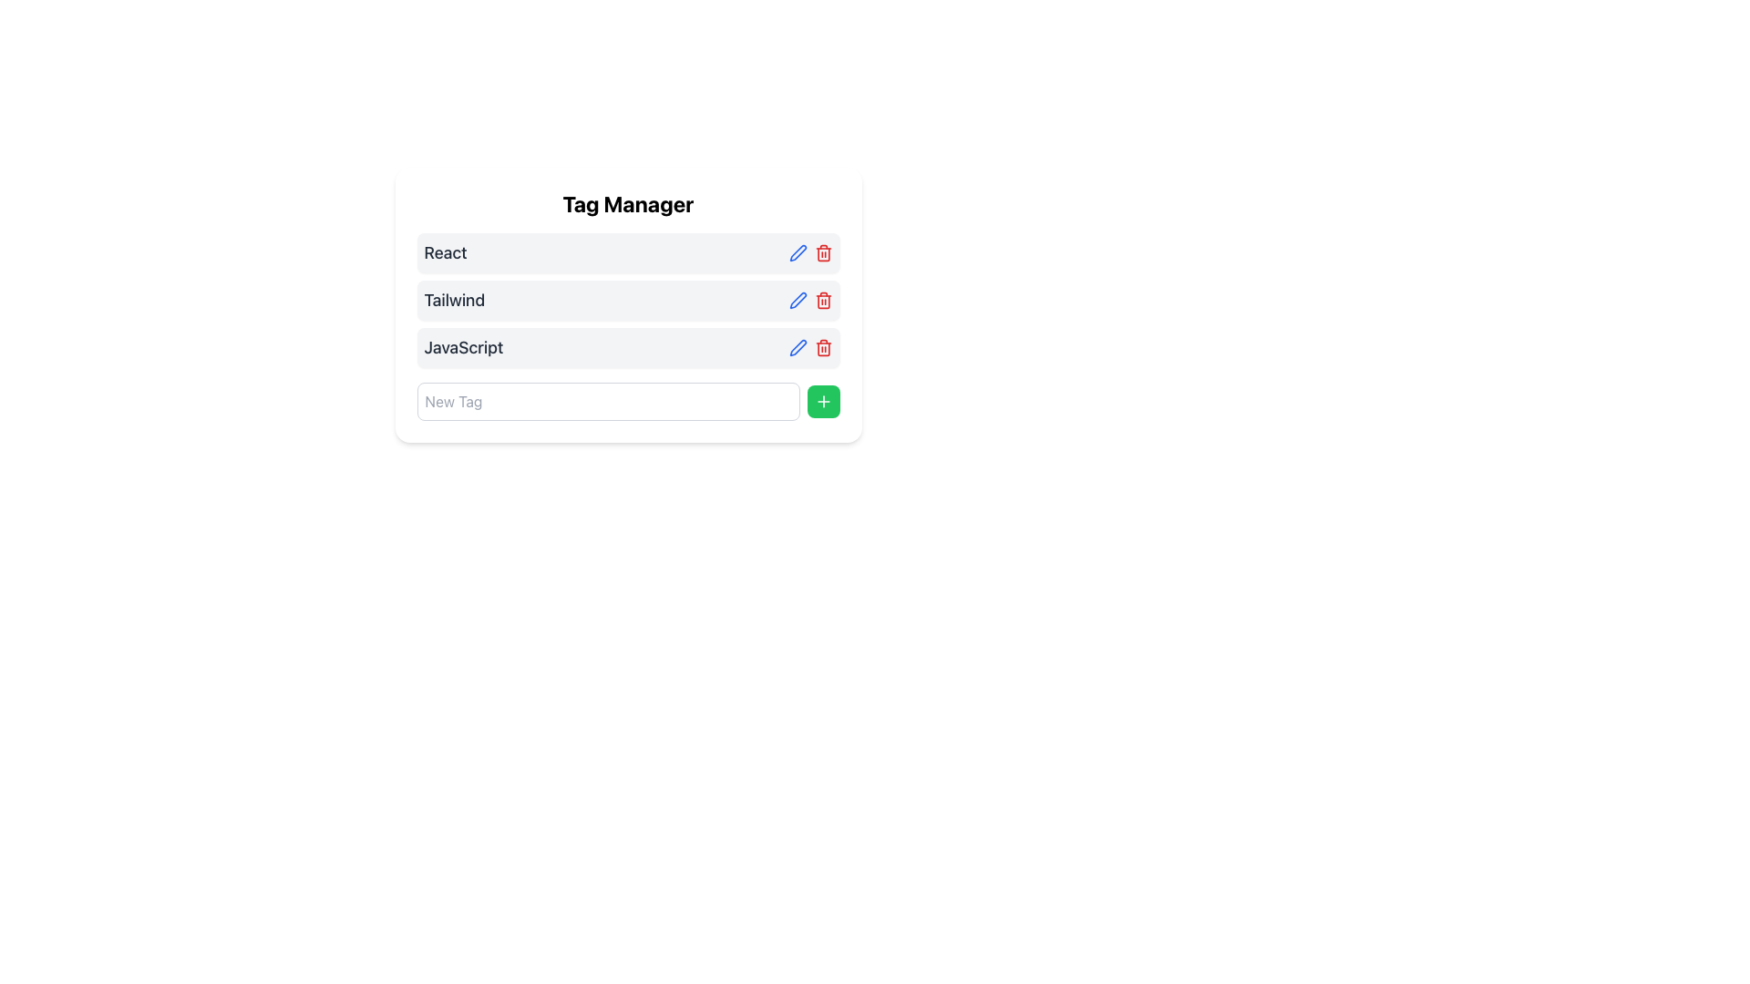 The image size is (1750, 984). I want to click on the edit button located to the right-hand side of the 'React' tag label in the 'Tag Manager' list, so click(798, 252).